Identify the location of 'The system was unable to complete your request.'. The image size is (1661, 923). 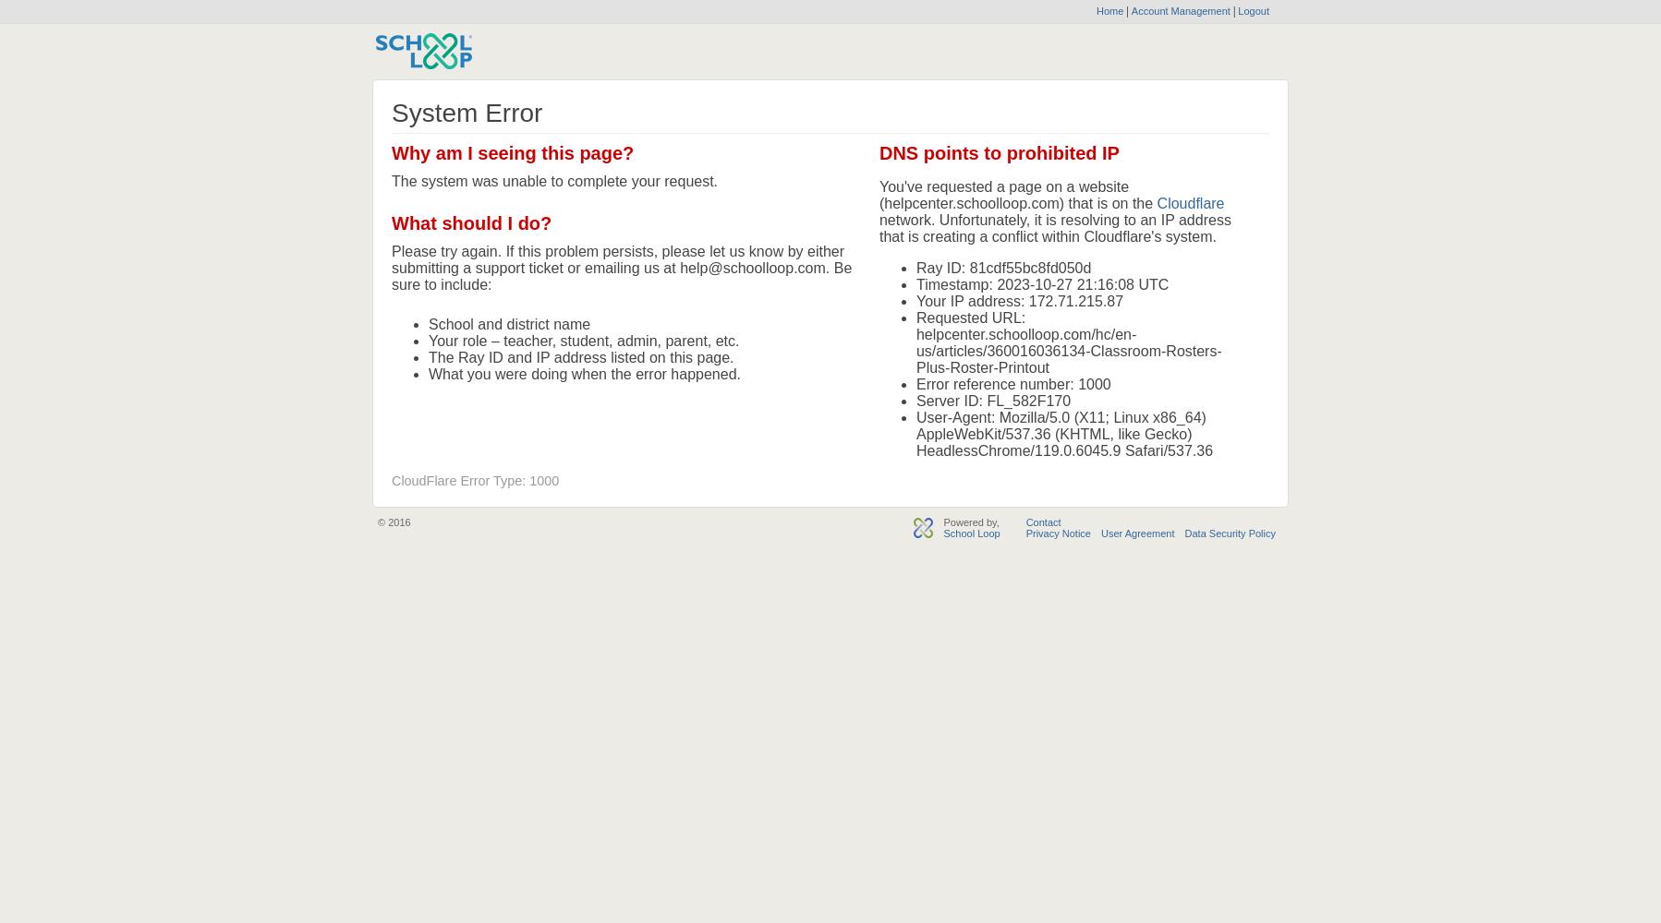
(553, 180).